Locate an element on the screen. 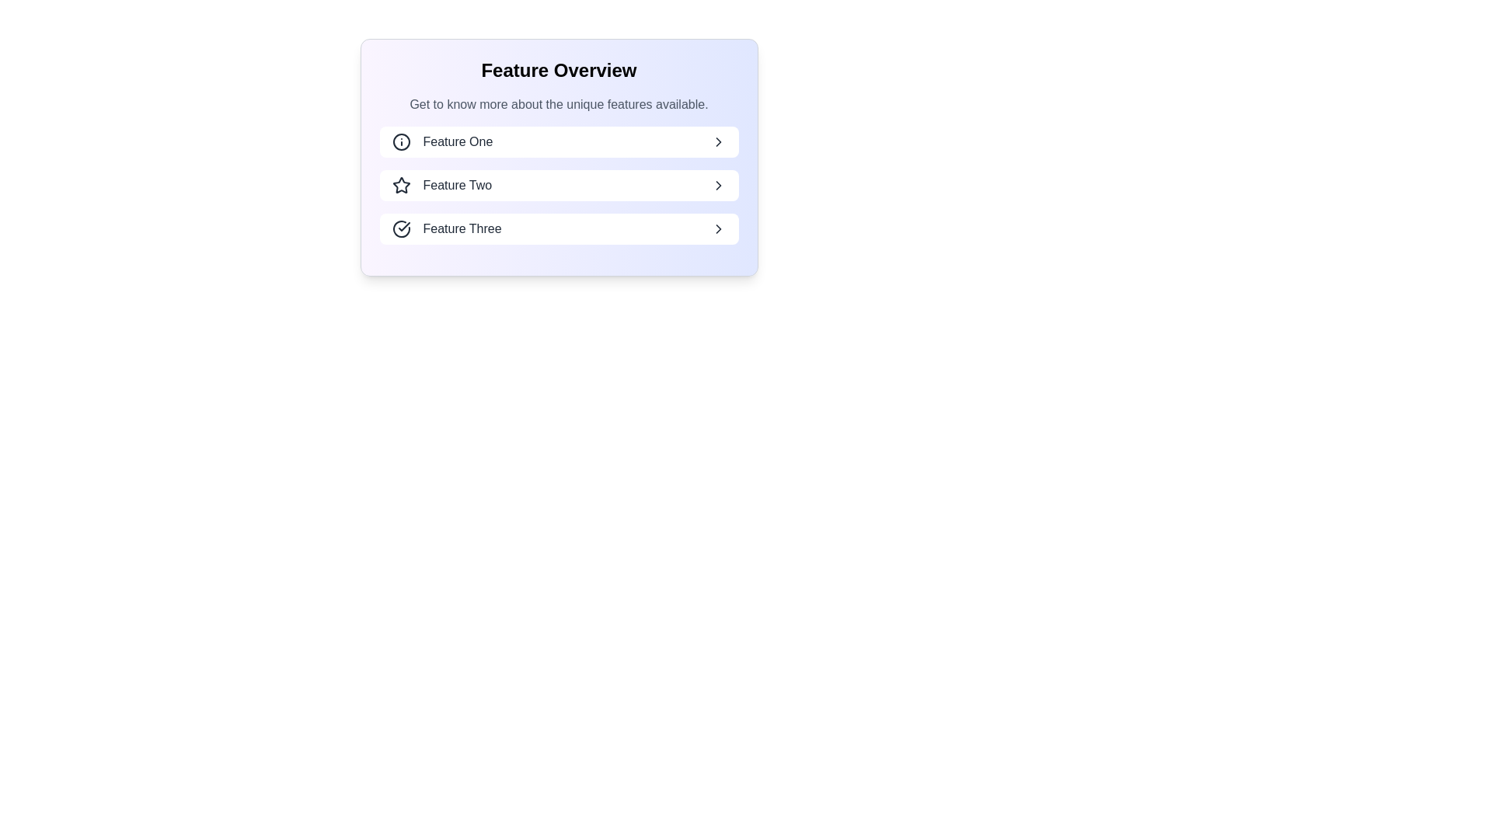 This screenshot has height=839, width=1492. the first clickable list item labeled 'Feature One' is located at coordinates (559, 141).